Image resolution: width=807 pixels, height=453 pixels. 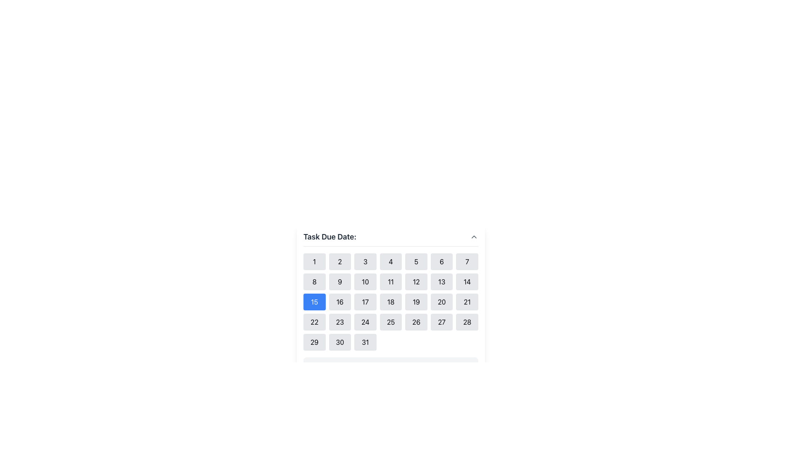 I want to click on the button in the calendar grid interface that allows users, so click(x=441, y=302).